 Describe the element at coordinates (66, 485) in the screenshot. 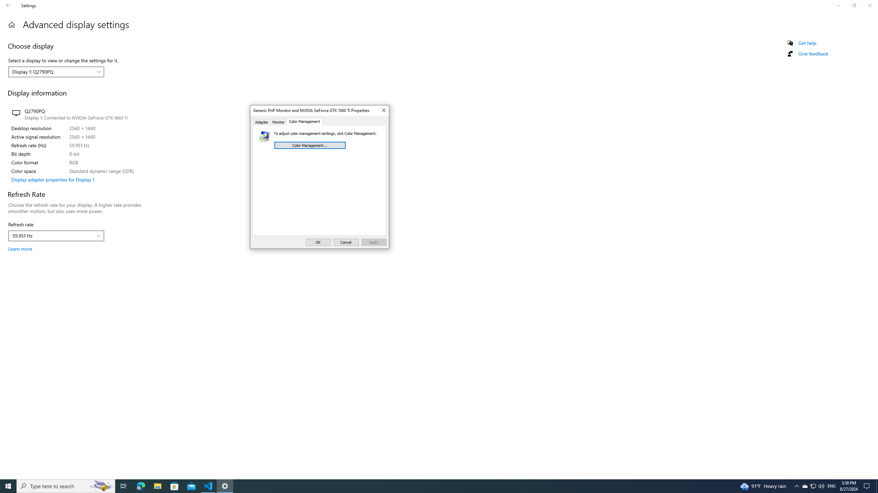

I see `'Type here to search'` at that location.